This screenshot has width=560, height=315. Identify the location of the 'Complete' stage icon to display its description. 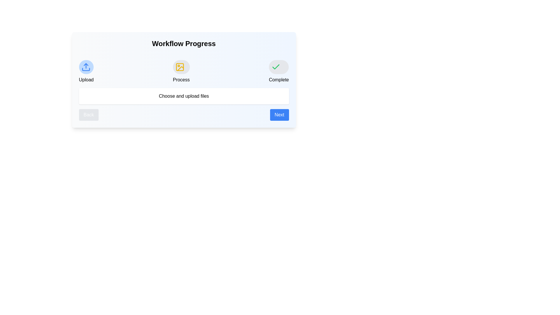
(278, 67).